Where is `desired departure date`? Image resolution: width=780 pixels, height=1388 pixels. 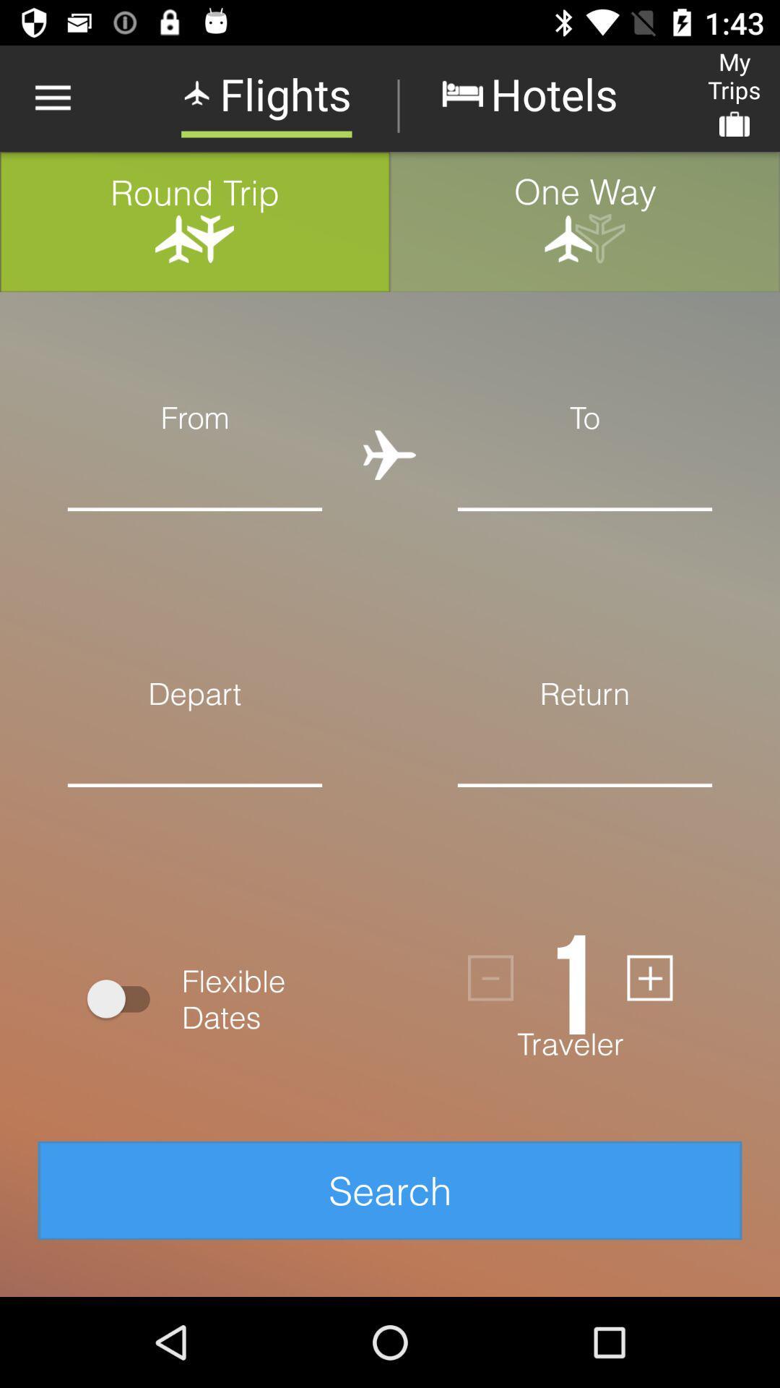 desired departure date is located at coordinates (195, 807).